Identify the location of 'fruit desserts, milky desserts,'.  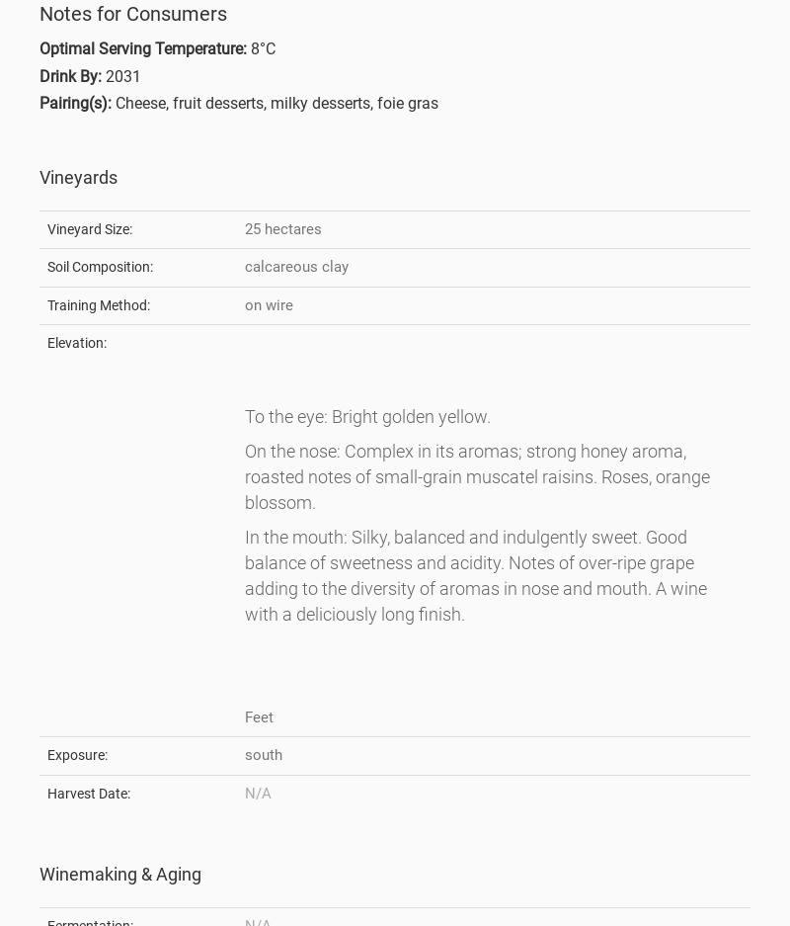
(275, 102).